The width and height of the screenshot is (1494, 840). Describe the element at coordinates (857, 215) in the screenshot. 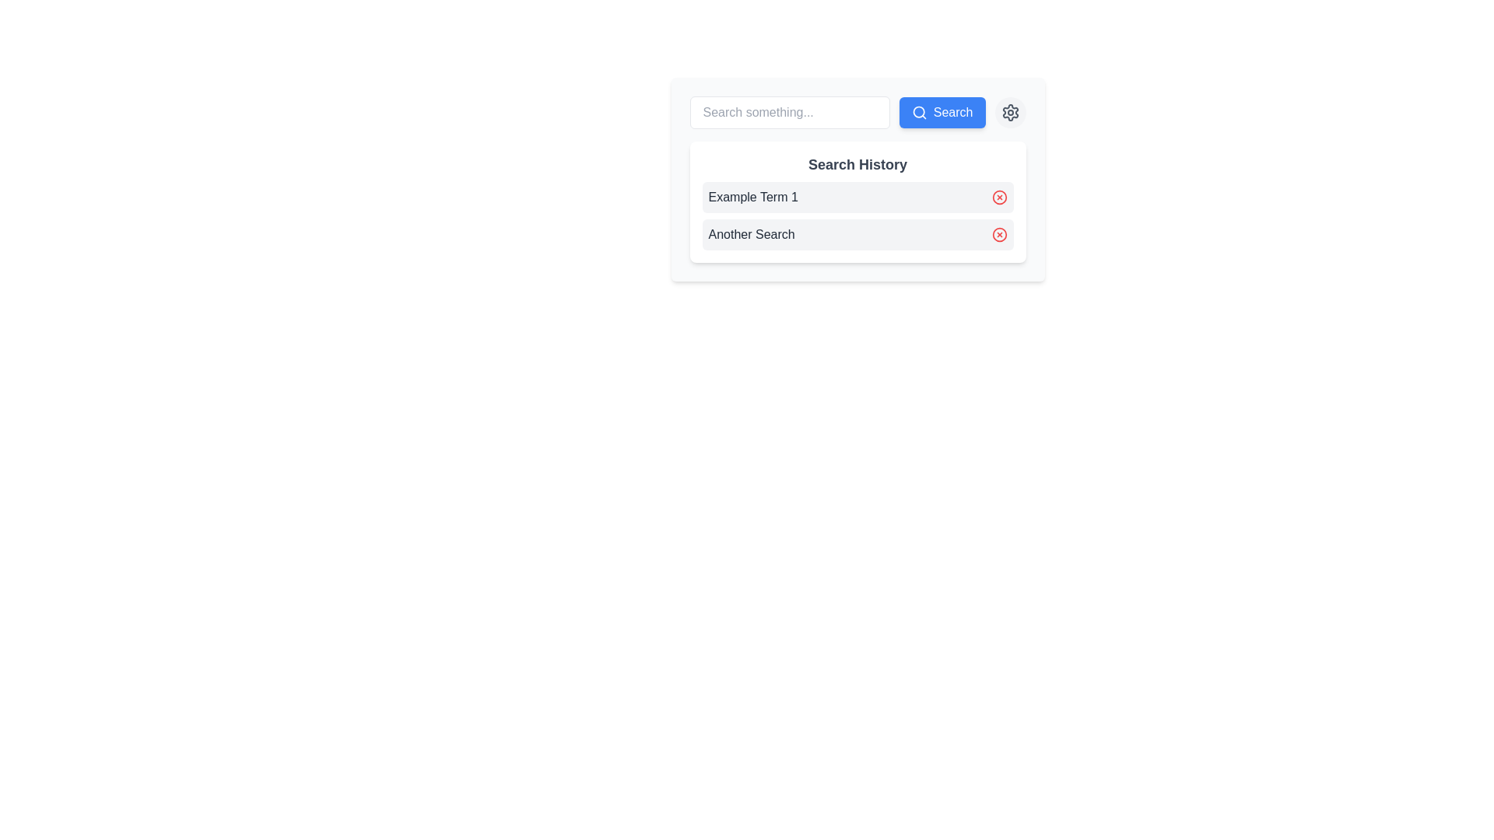

I see `the red delete icon of the search history term within the interactive list items grouped under the 'Search History' title` at that location.